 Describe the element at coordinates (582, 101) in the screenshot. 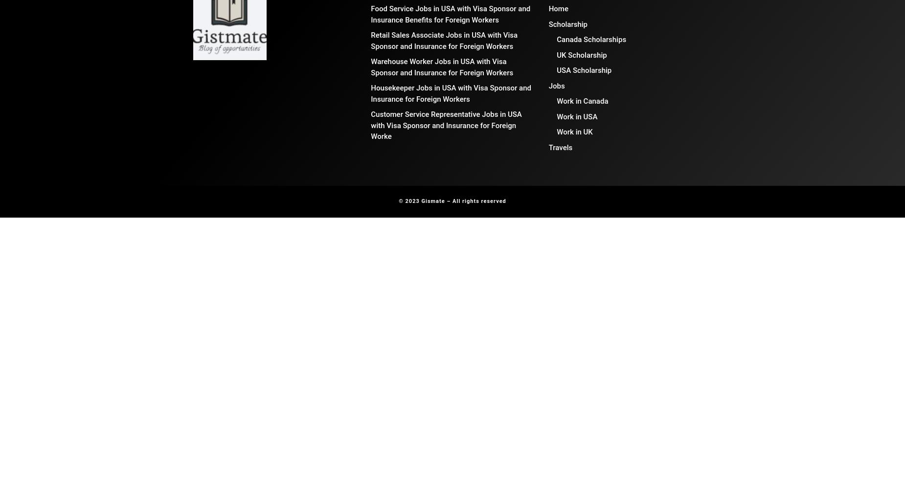

I see `'Work in Canada'` at that location.